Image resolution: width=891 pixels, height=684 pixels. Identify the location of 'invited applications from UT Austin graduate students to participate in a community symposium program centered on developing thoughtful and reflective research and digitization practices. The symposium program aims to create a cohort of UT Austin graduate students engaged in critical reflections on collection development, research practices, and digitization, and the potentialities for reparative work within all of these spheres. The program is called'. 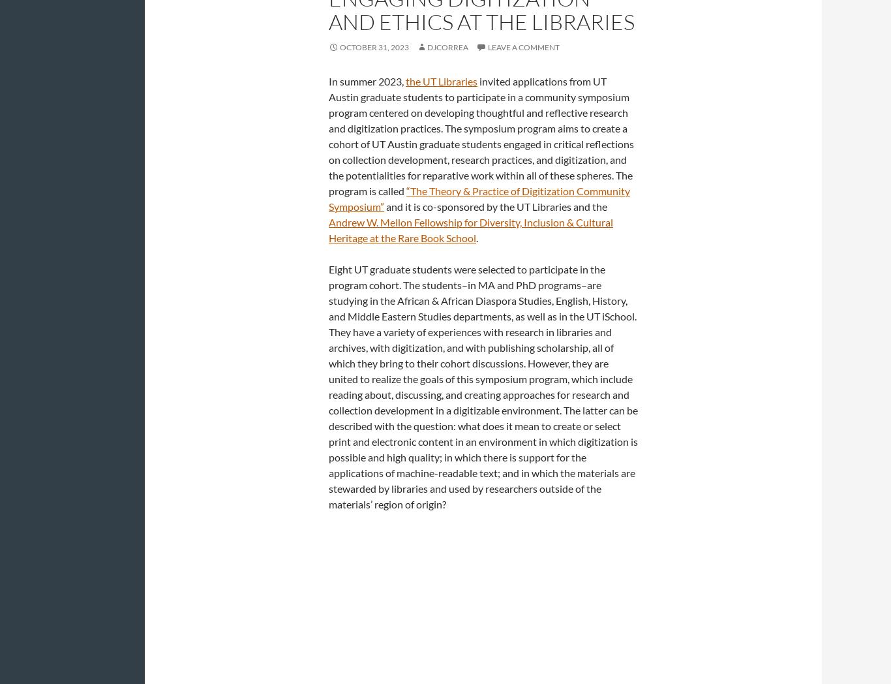
(481, 135).